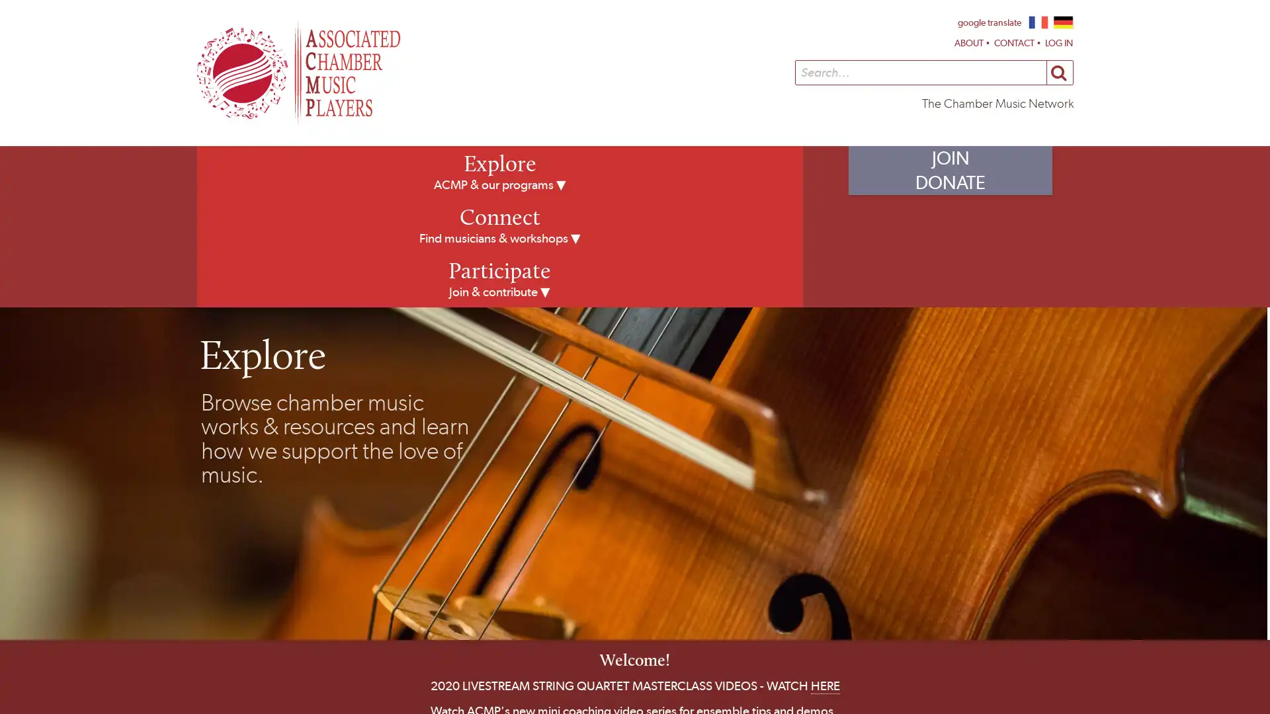  What do you see at coordinates (1059, 73) in the screenshot?
I see `Search` at bounding box center [1059, 73].